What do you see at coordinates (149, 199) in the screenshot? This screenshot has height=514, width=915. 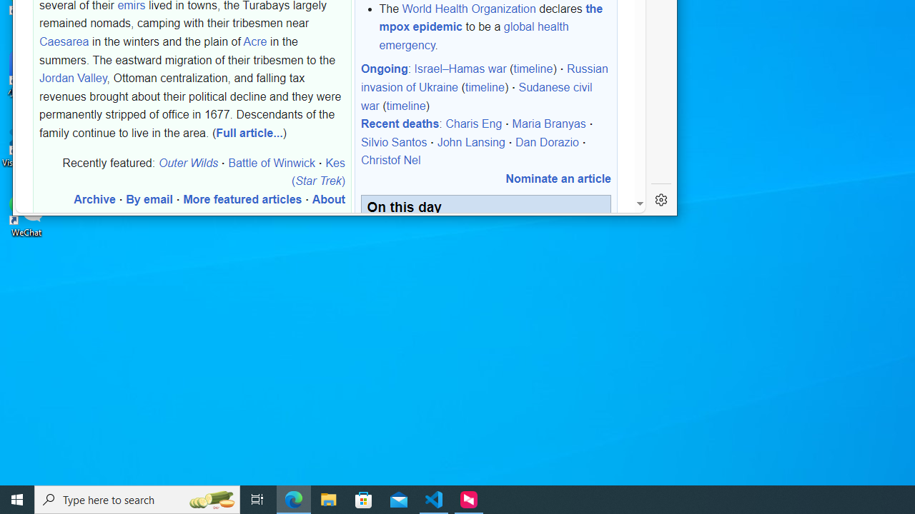 I see `'By email'` at bounding box center [149, 199].